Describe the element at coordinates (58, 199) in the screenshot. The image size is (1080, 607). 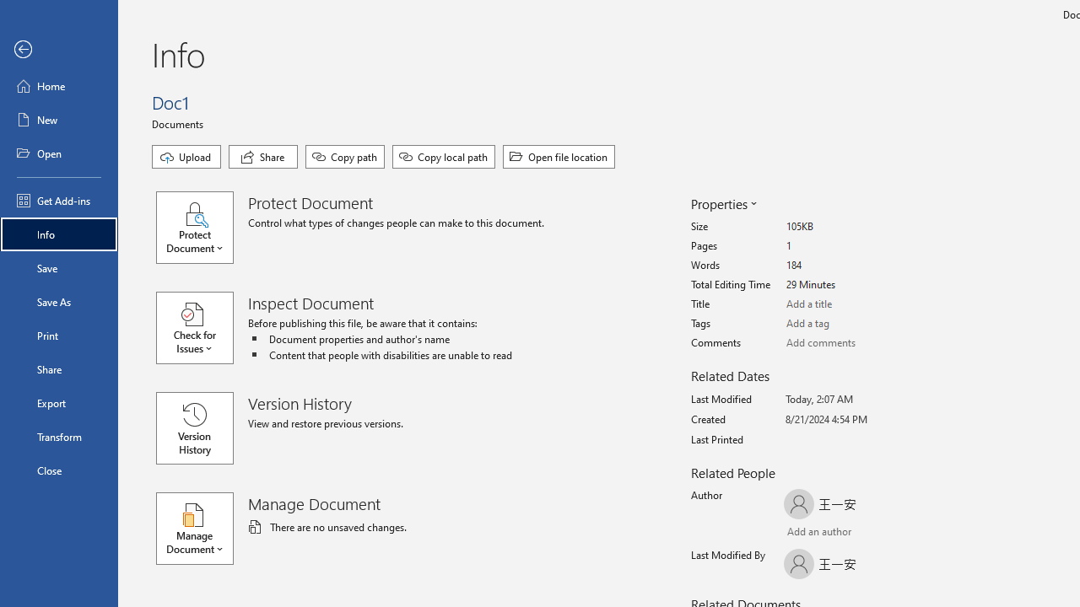
I see `'Get Add-ins'` at that location.